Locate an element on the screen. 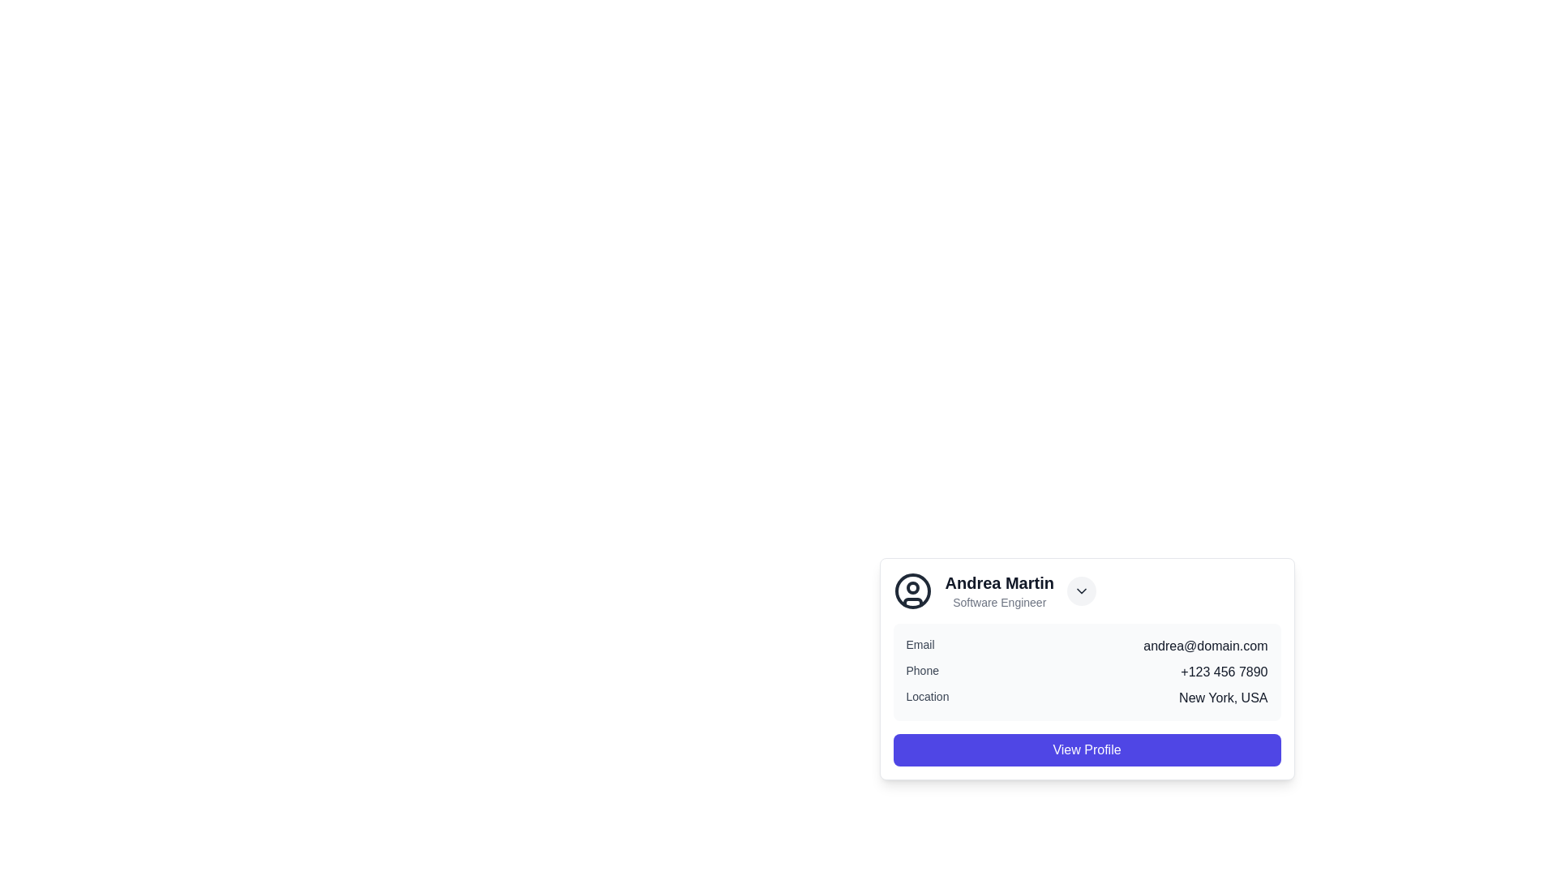 The height and width of the screenshot is (876, 1557). the small circular Icon component located in the top-left region of the graphical user icon on the profile card is located at coordinates (912, 588).